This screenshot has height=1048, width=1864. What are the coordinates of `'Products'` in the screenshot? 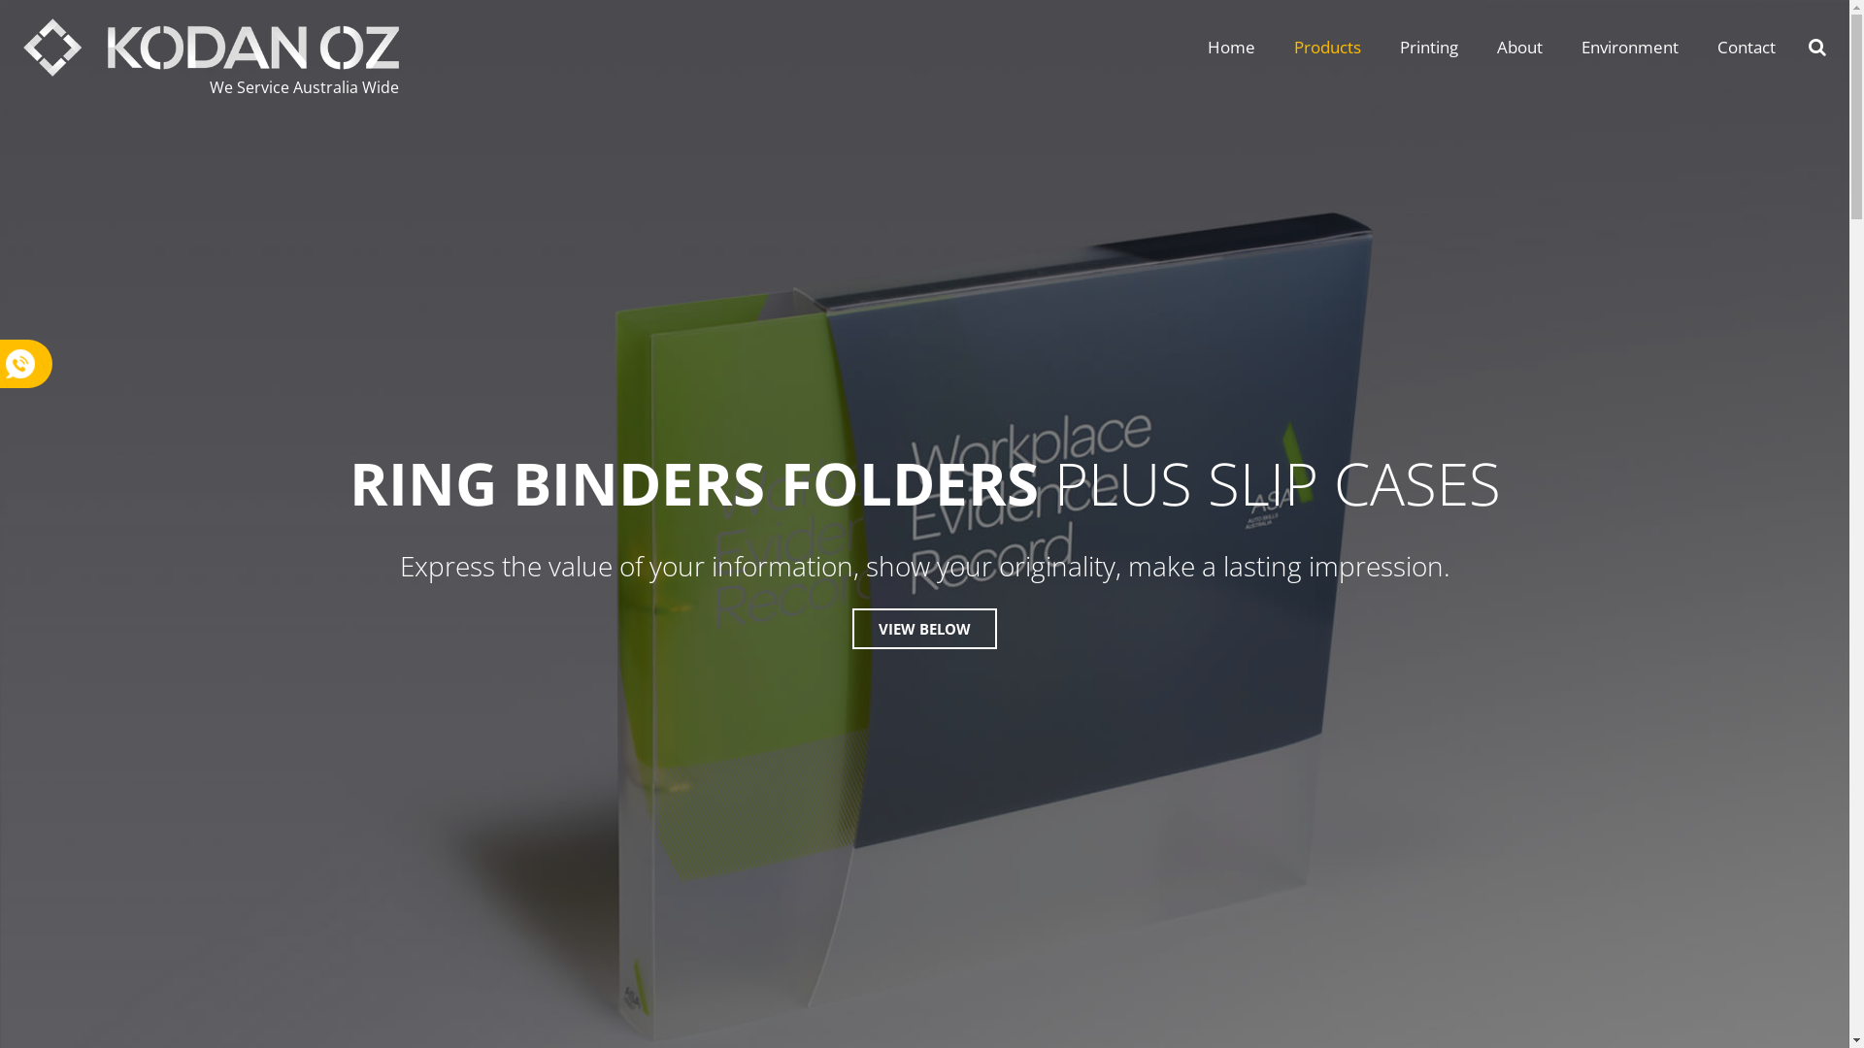 It's located at (1326, 47).